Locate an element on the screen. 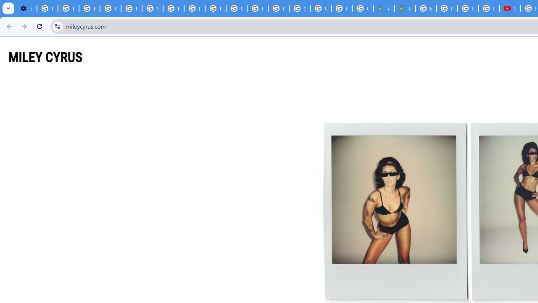 This screenshot has height=303, width=538. 'YouTube' is located at coordinates (152, 8).